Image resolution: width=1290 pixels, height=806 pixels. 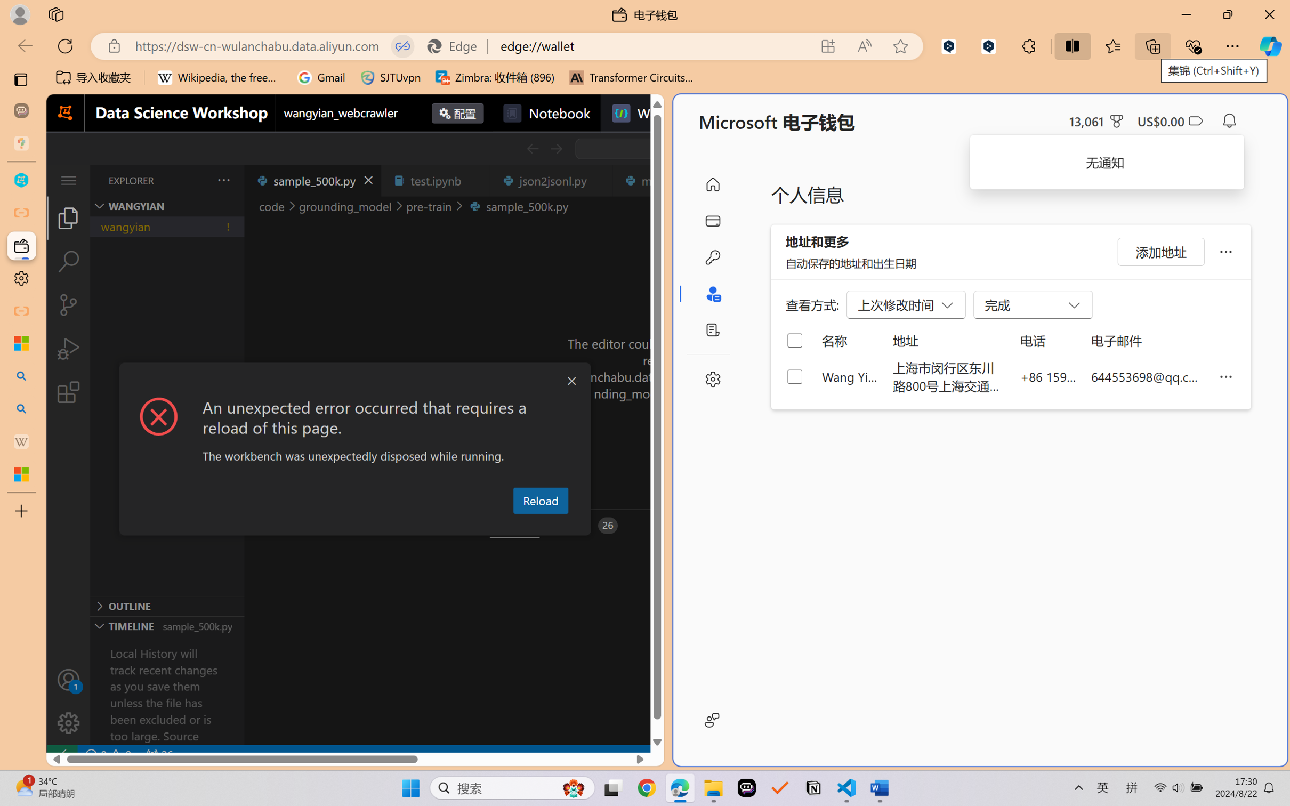 What do you see at coordinates (68, 679) in the screenshot?
I see `'Accounts - Sign in requested'` at bounding box center [68, 679].